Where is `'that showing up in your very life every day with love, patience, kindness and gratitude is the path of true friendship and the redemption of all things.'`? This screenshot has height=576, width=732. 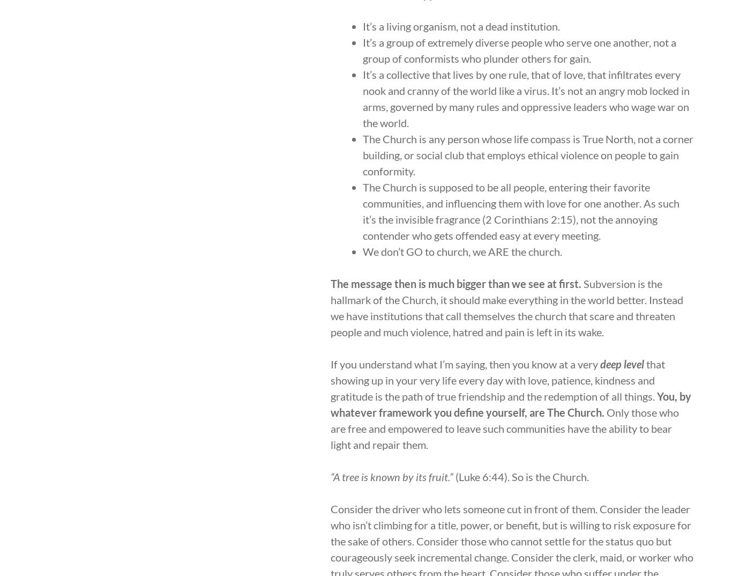 'that showing up in your very life every day with love, patience, kindness and gratitude is the path of true friendship and the redemption of all things.' is located at coordinates (498, 380).